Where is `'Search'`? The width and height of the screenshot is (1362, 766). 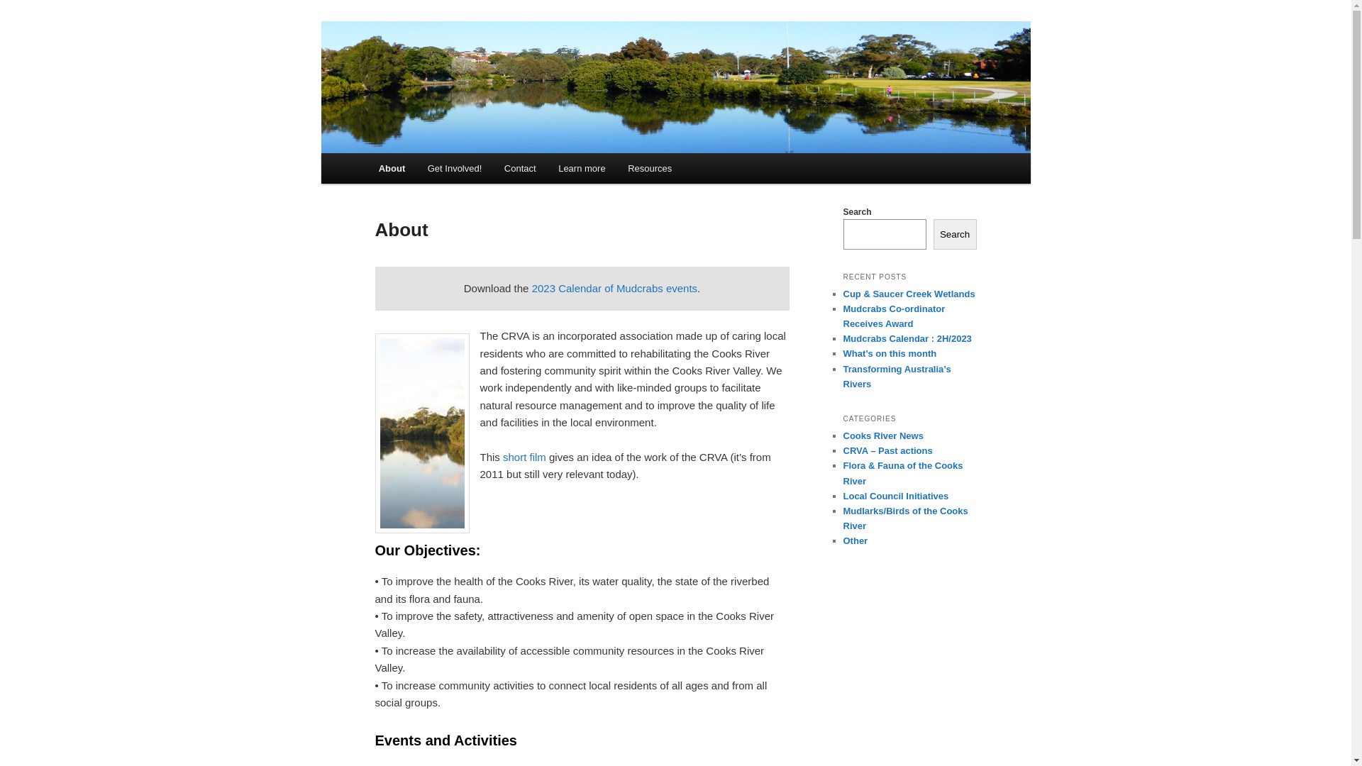
'Search' is located at coordinates (955, 233).